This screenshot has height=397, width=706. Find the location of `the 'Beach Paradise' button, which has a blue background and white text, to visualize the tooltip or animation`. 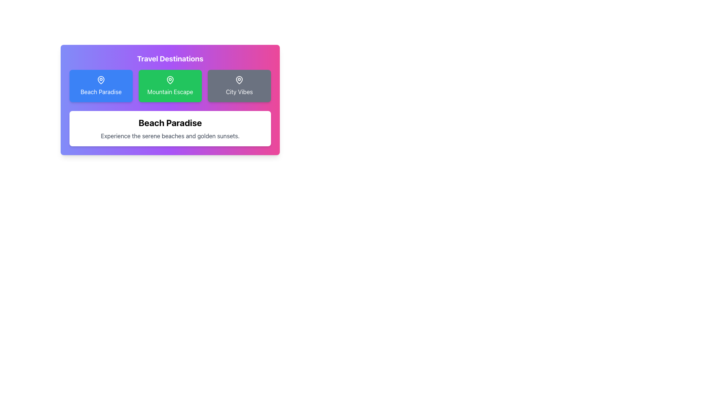

the 'Beach Paradise' button, which has a blue background and white text, to visualize the tooltip or animation is located at coordinates (100, 86).